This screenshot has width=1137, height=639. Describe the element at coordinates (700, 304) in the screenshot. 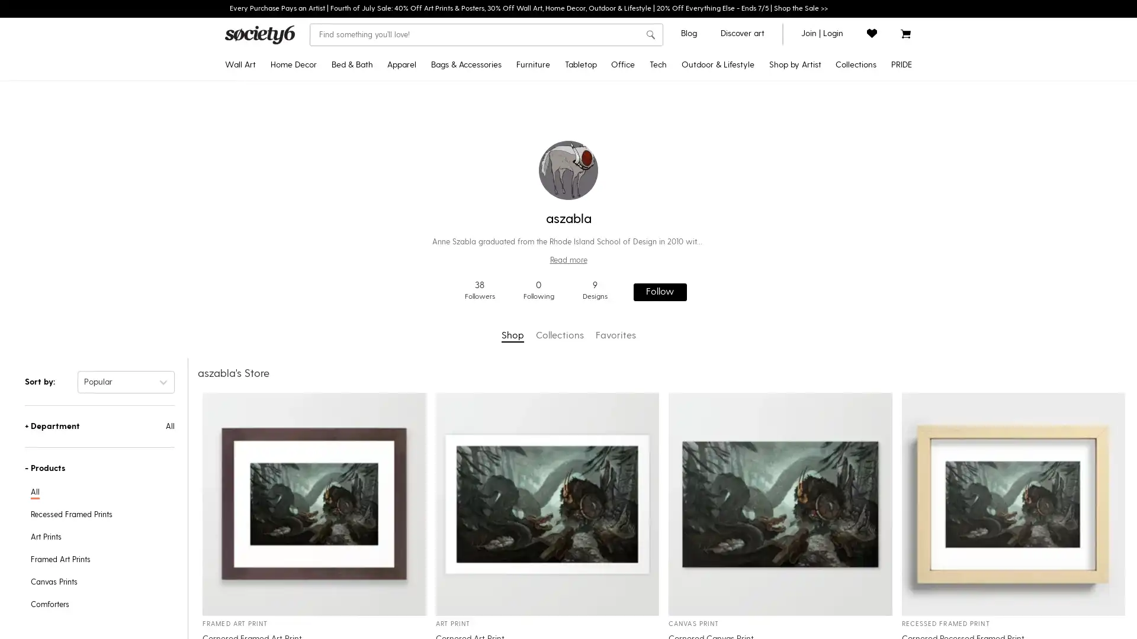

I see `iPhone Skins` at that location.